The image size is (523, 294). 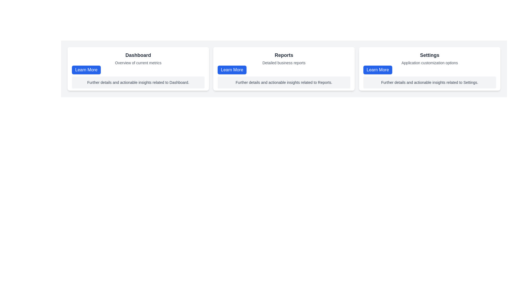 What do you see at coordinates (429, 55) in the screenshot?
I see `text of the bold 'Settings' label located at the top-center of an information card in the third column of a three-panel layout` at bounding box center [429, 55].